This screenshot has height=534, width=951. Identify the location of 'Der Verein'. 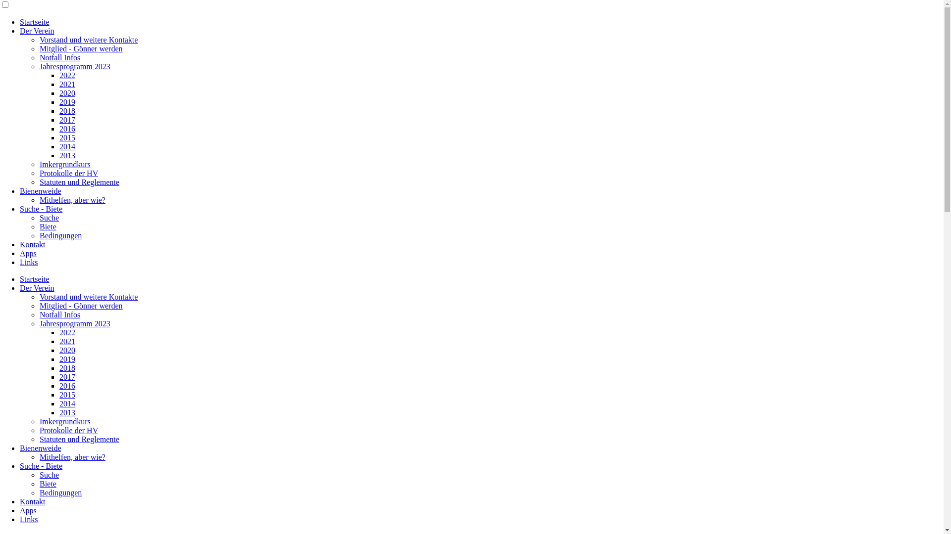
(37, 30).